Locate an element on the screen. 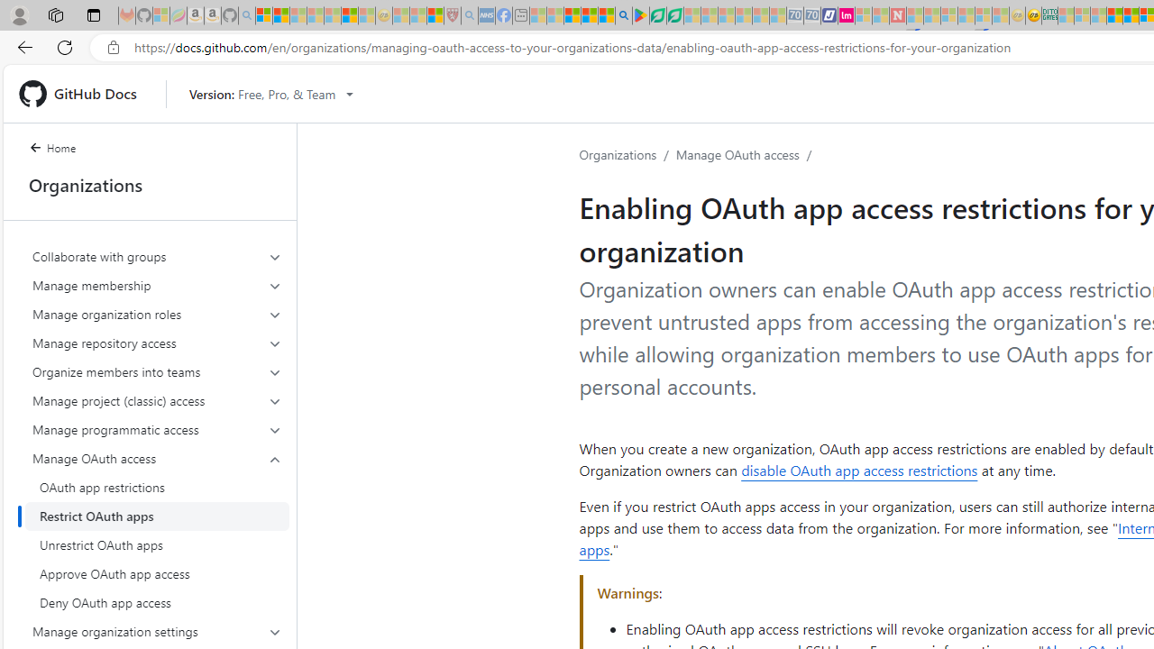  'The Weather Channel - MSN - Sleeping' is located at coordinates (298, 15).